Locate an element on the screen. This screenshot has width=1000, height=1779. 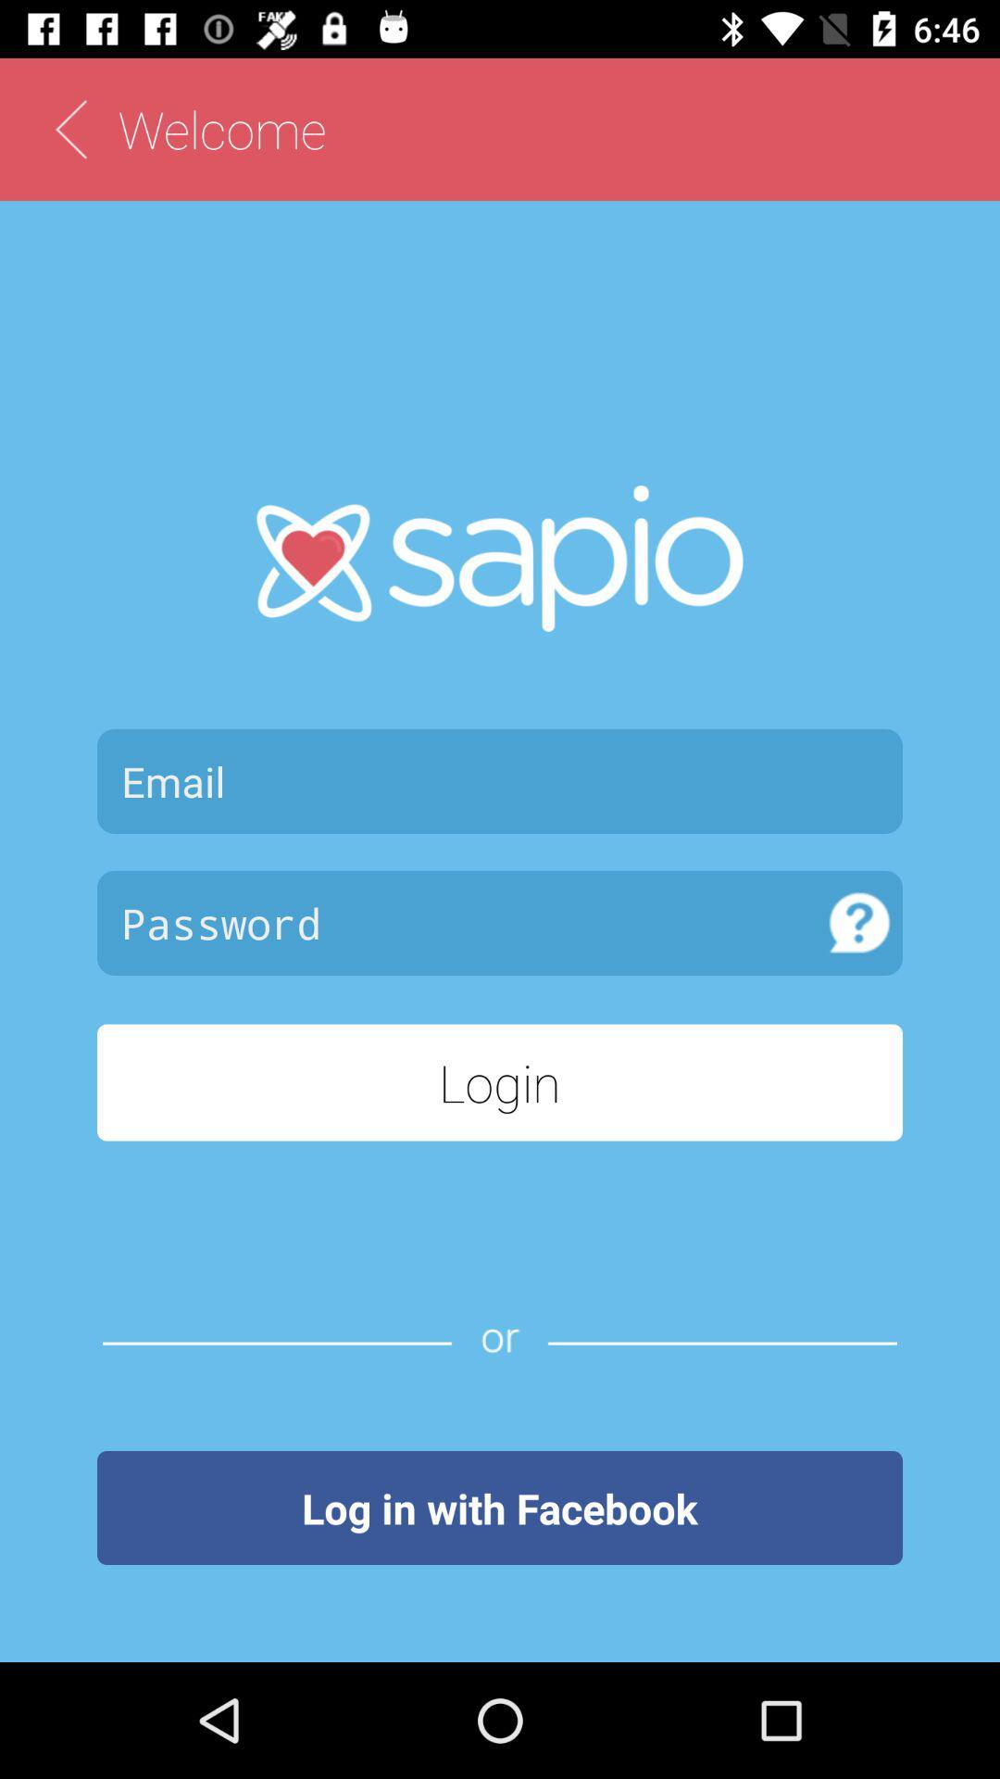
password question is located at coordinates (859, 923).